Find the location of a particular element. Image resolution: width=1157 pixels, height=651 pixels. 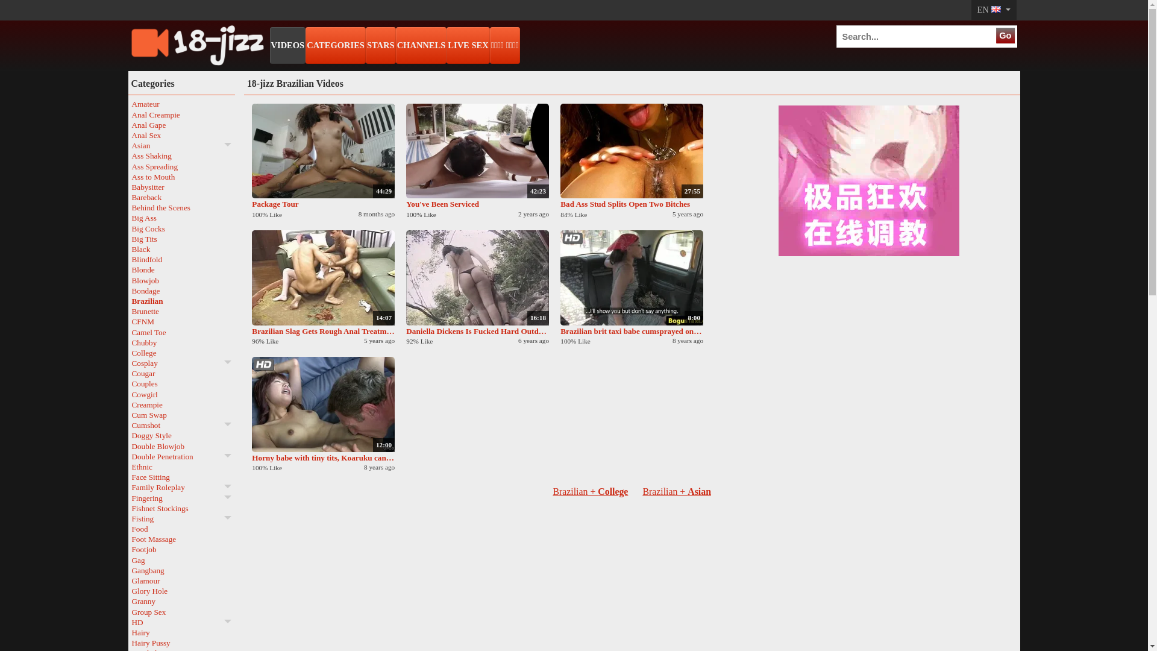

'CFNM' is located at coordinates (181, 321).